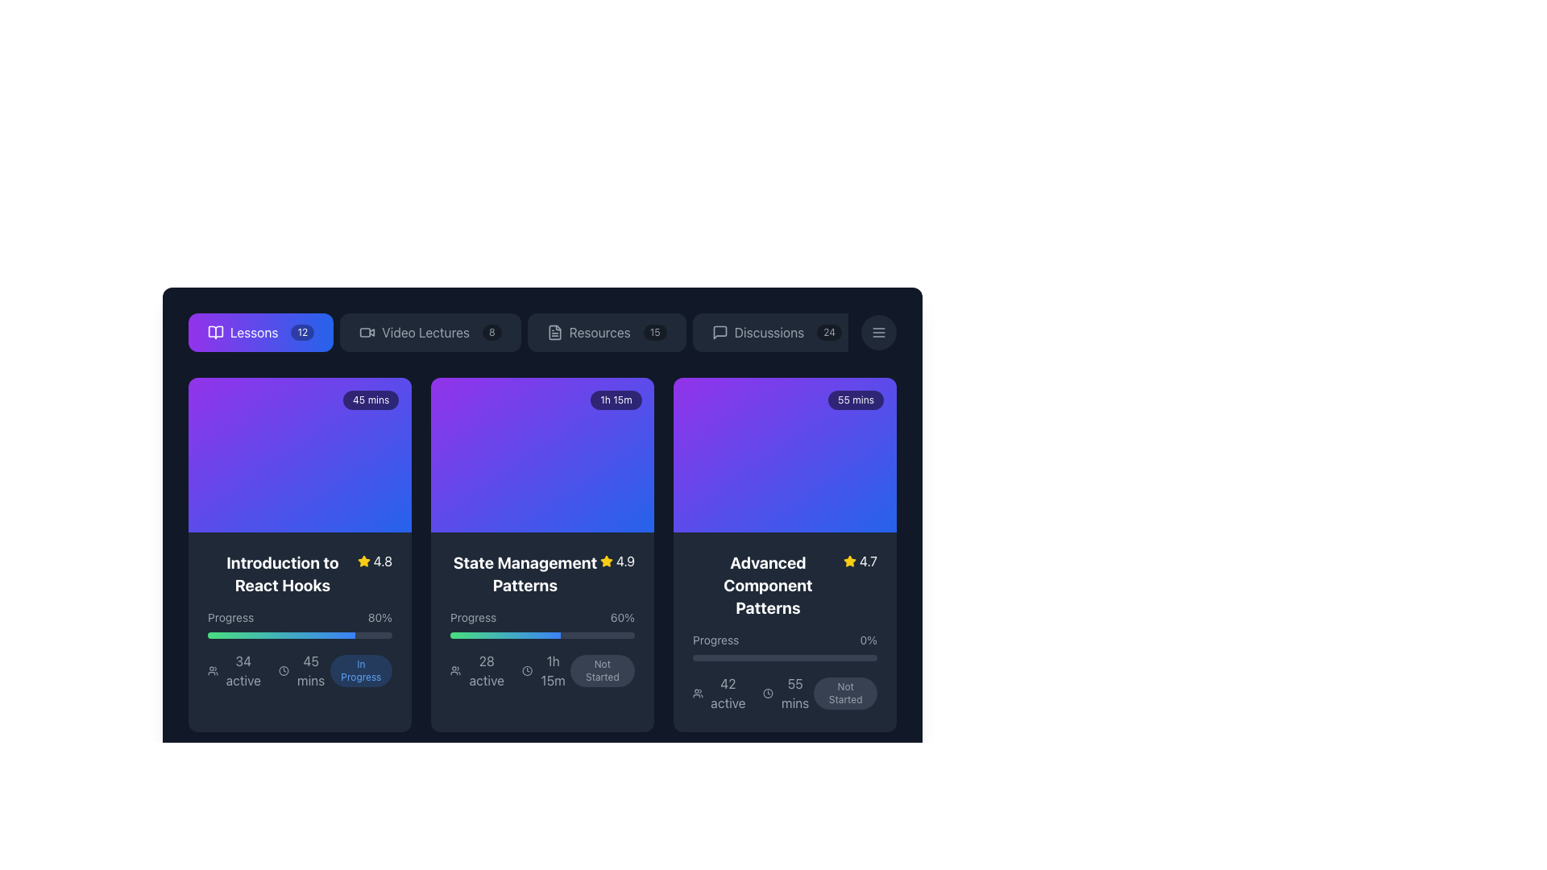 The width and height of the screenshot is (1547, 870). What do you see at coordinates (229, 635) in the screenshot?
I see `the progress bar` at bounding box center [229, 635].